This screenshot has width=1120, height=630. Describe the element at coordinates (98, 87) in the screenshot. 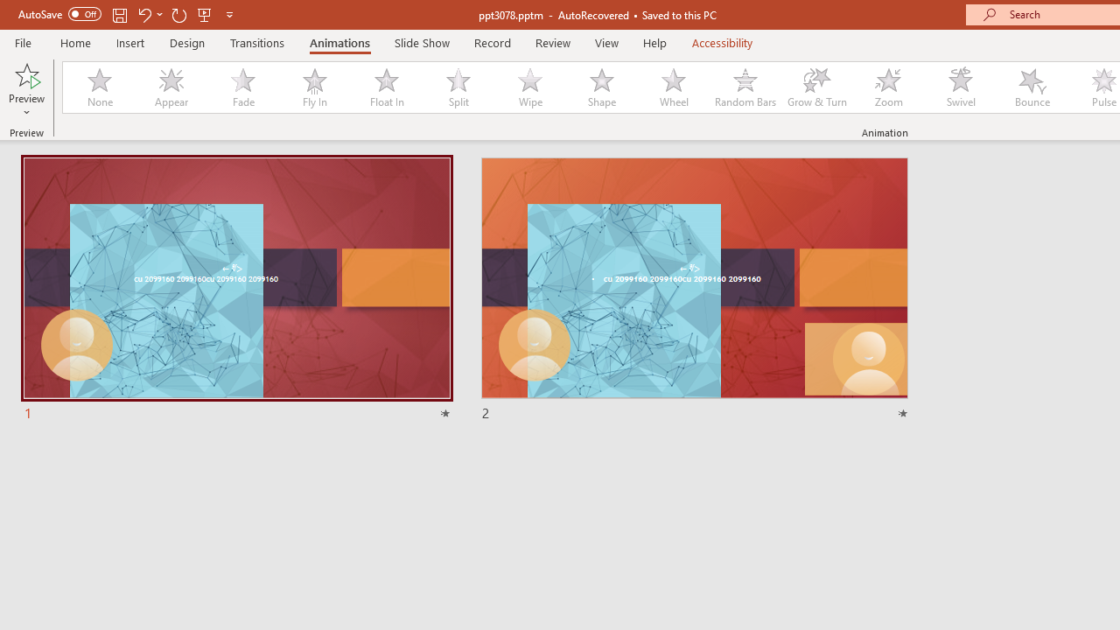

I see `'None'` at that location.